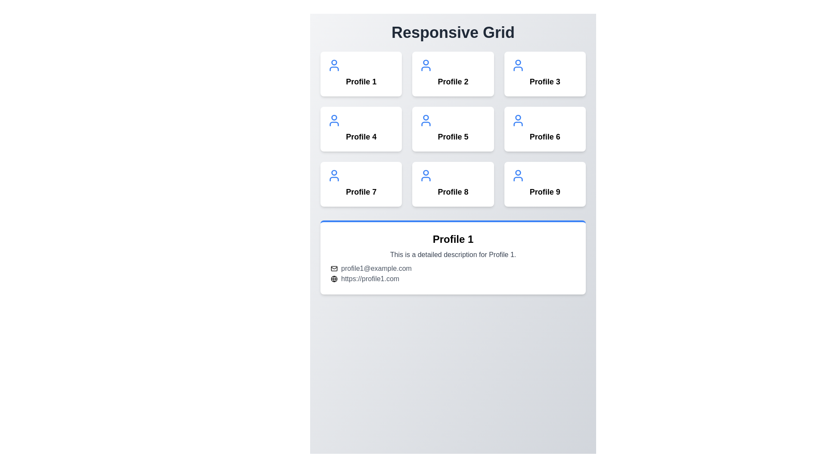 The image size is (827, 465). Describe the element at coordinates (544, 74) in the screenshot. I see `the profile card labeled 'Profile 3' located in the top row, third column of the grid` at that location.